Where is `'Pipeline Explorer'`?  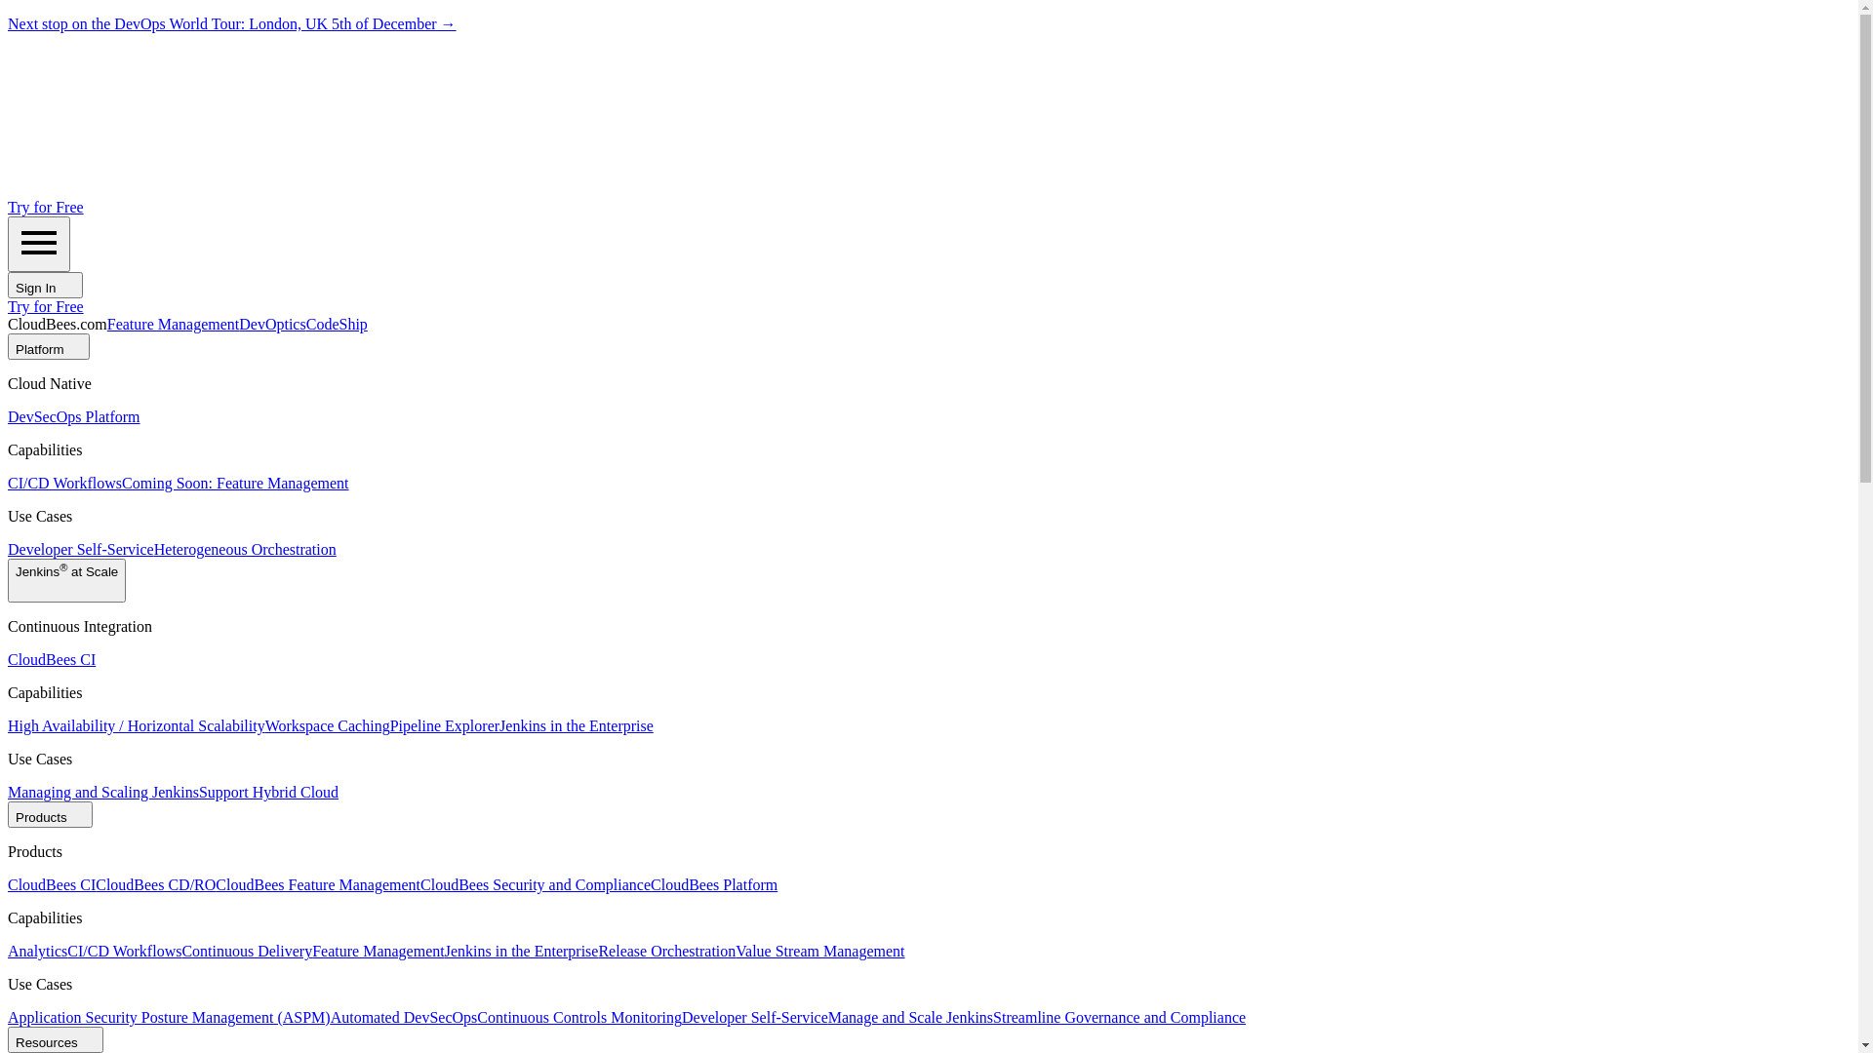 'Pipeline Explorer' is located at coordinates (389, 725).